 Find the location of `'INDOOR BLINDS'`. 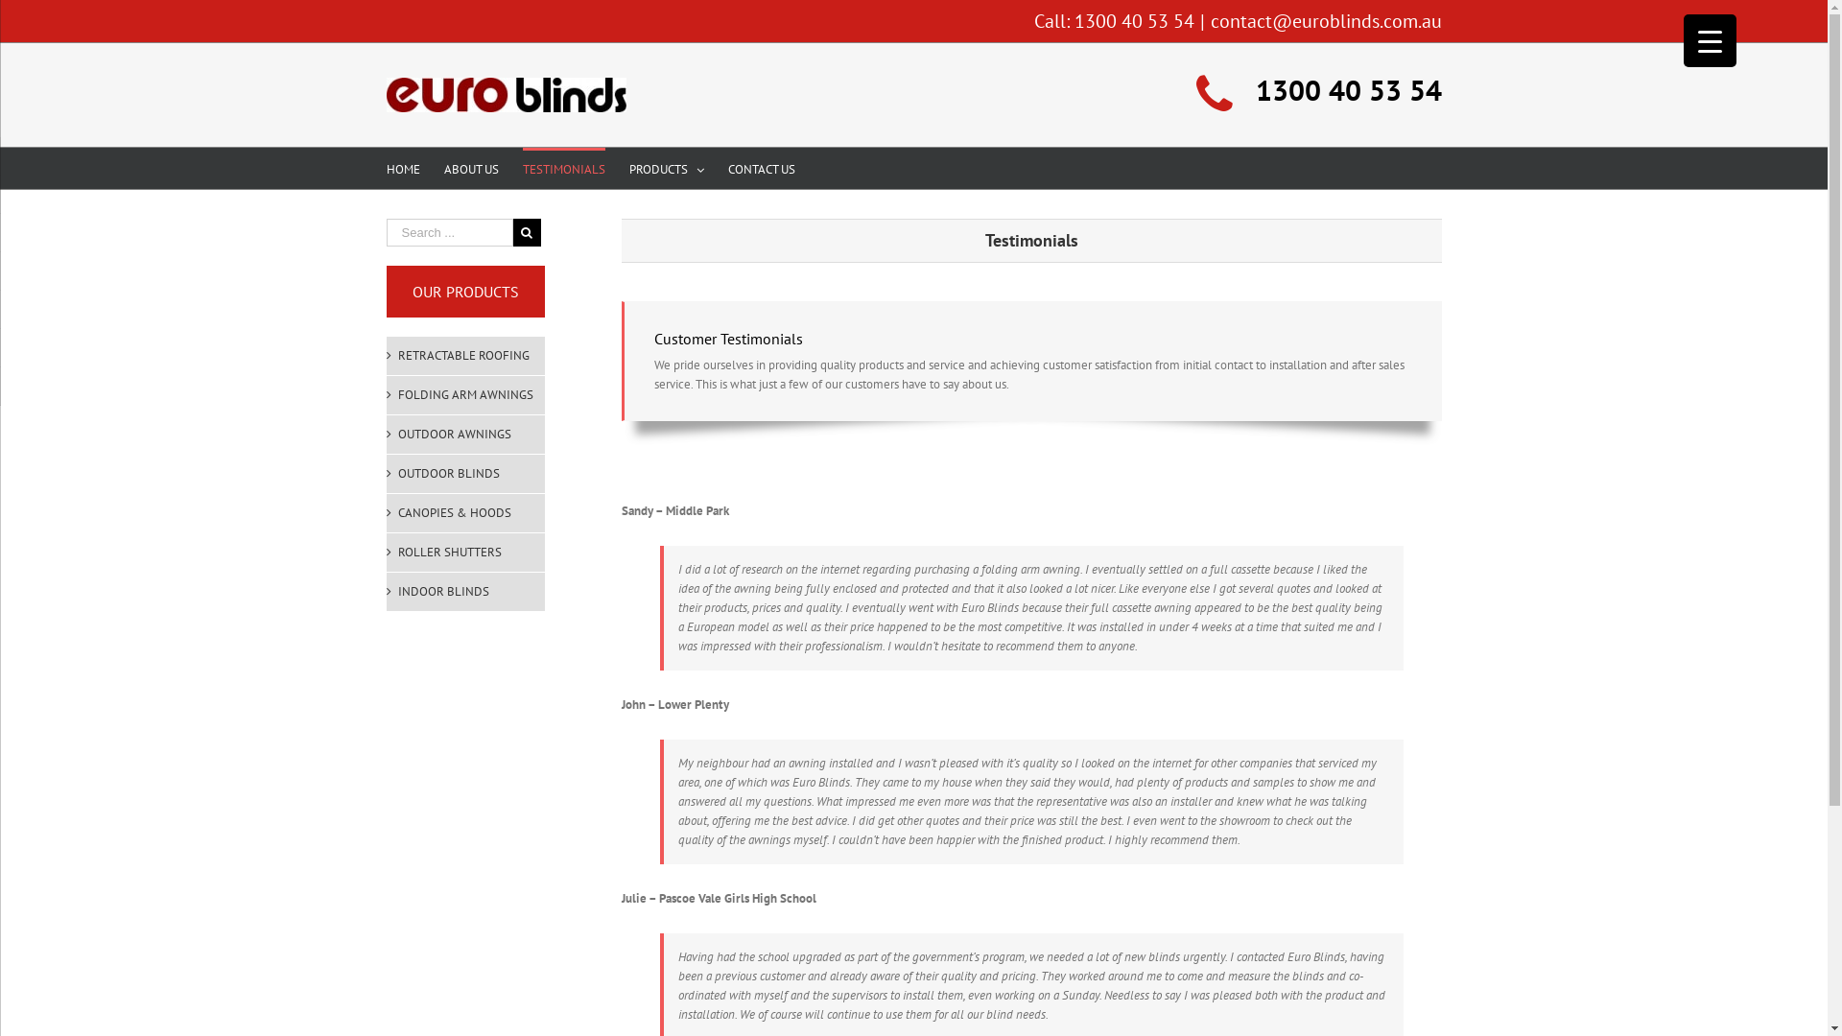

'INDOOR BLINDS' is located at coordinates (465, 591).